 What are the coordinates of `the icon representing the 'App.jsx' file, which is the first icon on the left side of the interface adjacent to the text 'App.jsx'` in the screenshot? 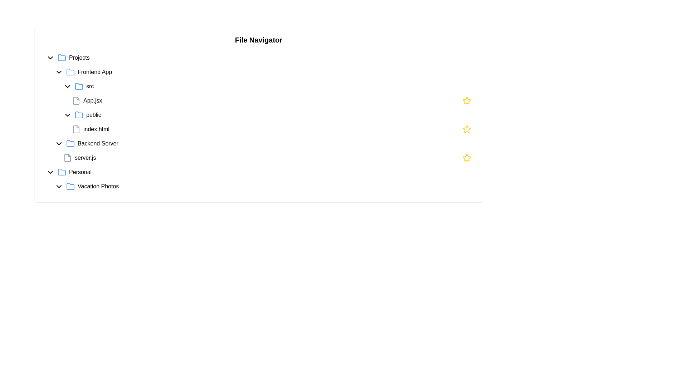 It's located at (76, 100).